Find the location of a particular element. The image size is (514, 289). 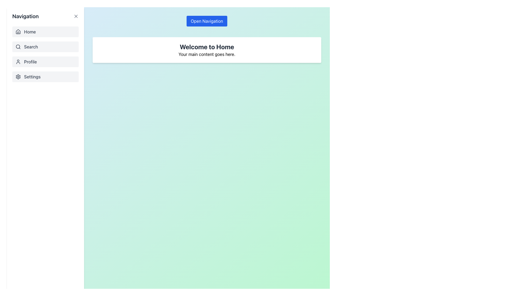

the inner circle of the magnifying glass icon within the 'Search' button group located in the left-side navigation menu is located at coordinates (18, 46).